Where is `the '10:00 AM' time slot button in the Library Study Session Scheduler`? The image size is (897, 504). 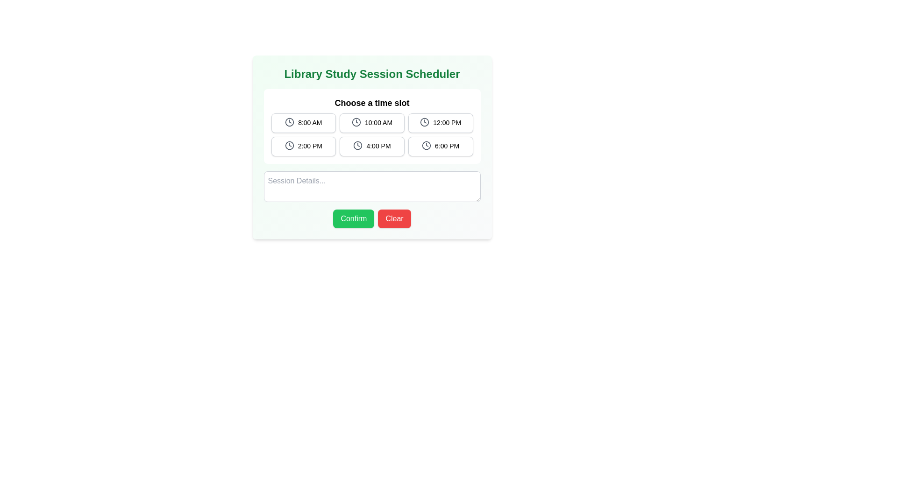
the '10:00 AM' time slot button in the Library Study Session Scheduler is located at coordinates (371, 122).